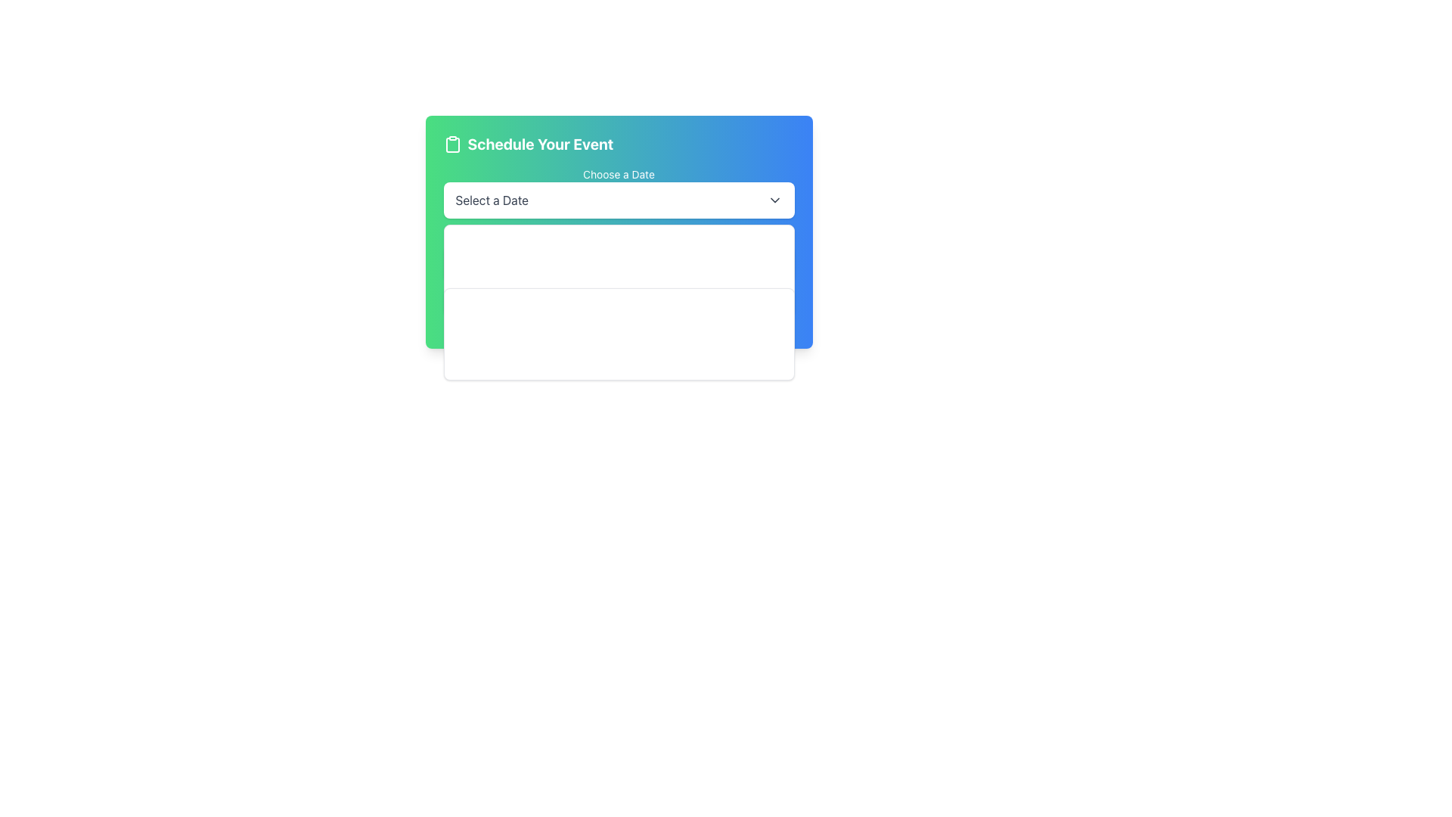  I want to click on an event from the Interactive dropdown section located below the heading 'Schedule Your Event' within the card layout, so click(619, 247).